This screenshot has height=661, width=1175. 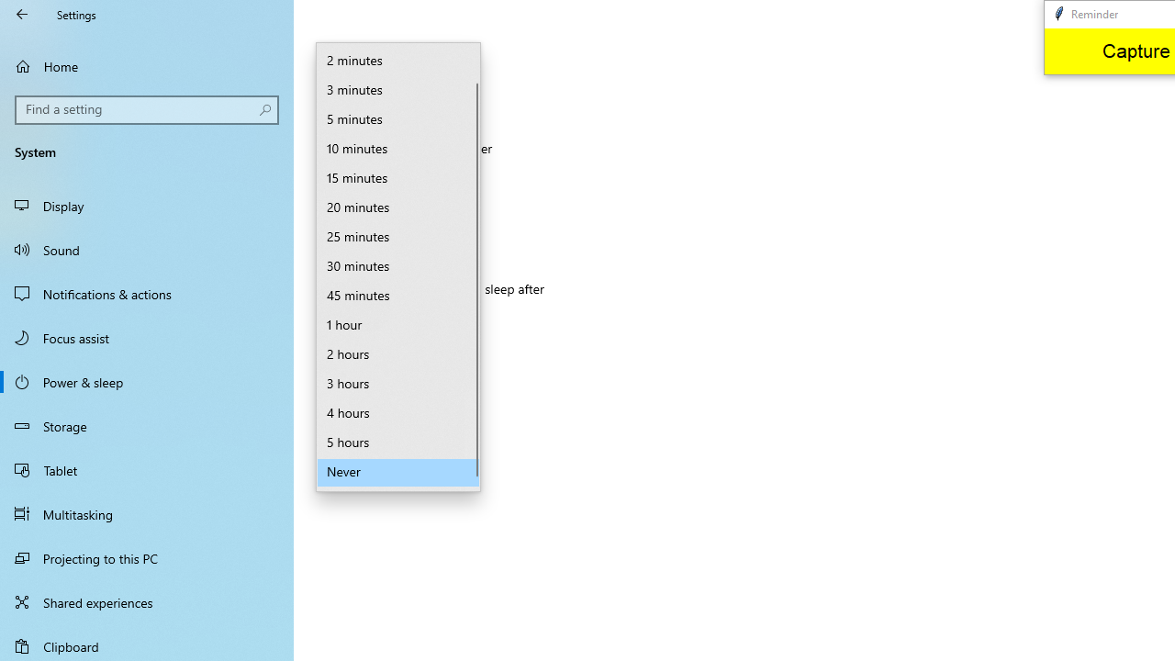 I want to click on '10 minutes', so click(x=397, y=149).